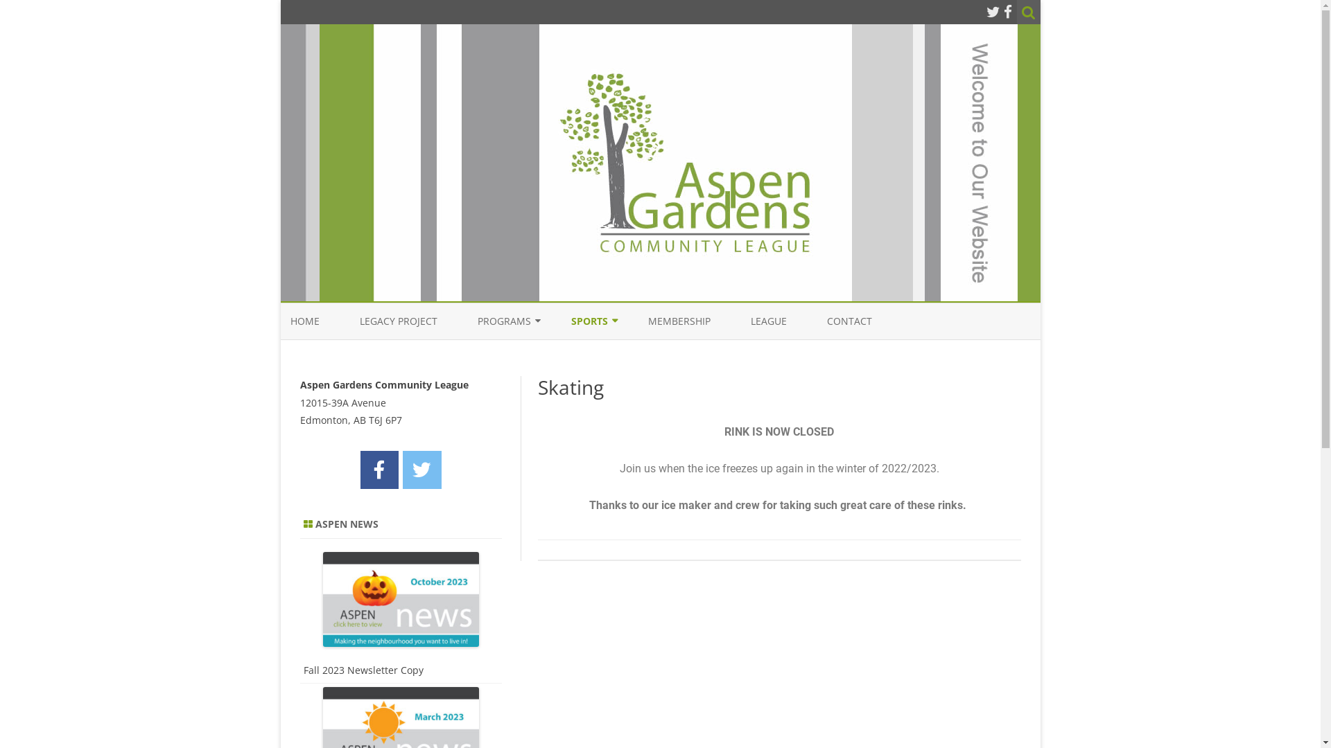 The width and height of the screenshot is (1331, 748). Describe the element at coordinates (1008, 11) in the screenshot. I see `'Facebook'` at that location.